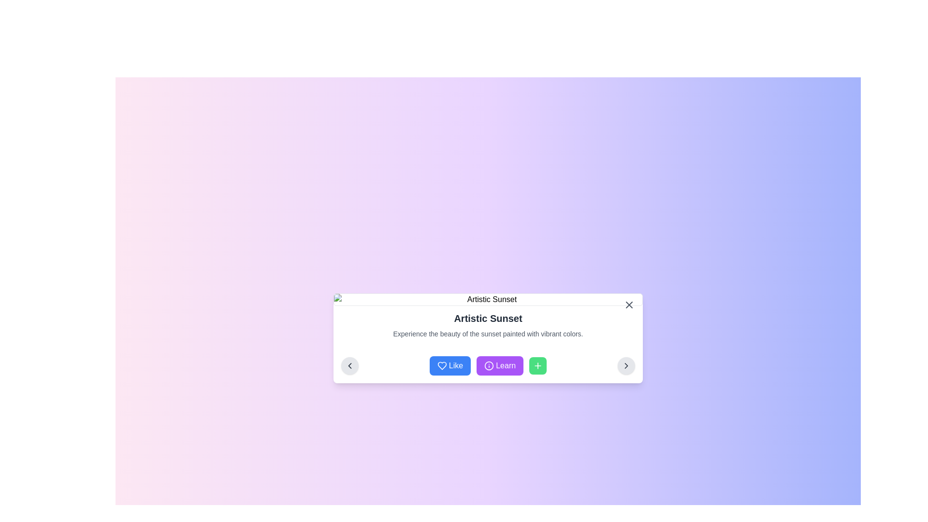 Image resolution: width=928 pixels, height=522 pixels. What do you see at coordinates (629, 305) in the screenshot?
I see `the close button located at the top-right corner of the card displaying 'Artistic Sunset'` at bounding box center [629, 305].